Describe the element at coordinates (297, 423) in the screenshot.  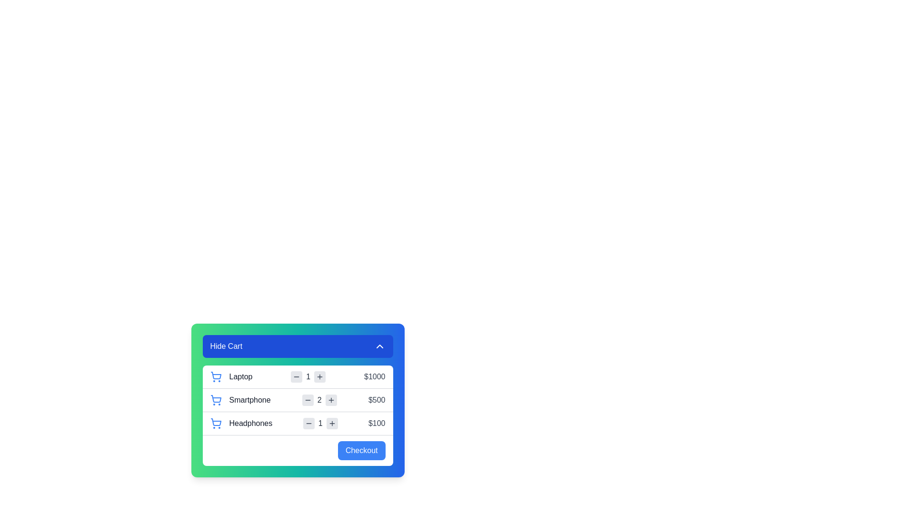
I see `product details from the interactive UI component labeled 'Headphones' in the shopping cart, which includes its quantity of '1' and price of '$100'` at that location.